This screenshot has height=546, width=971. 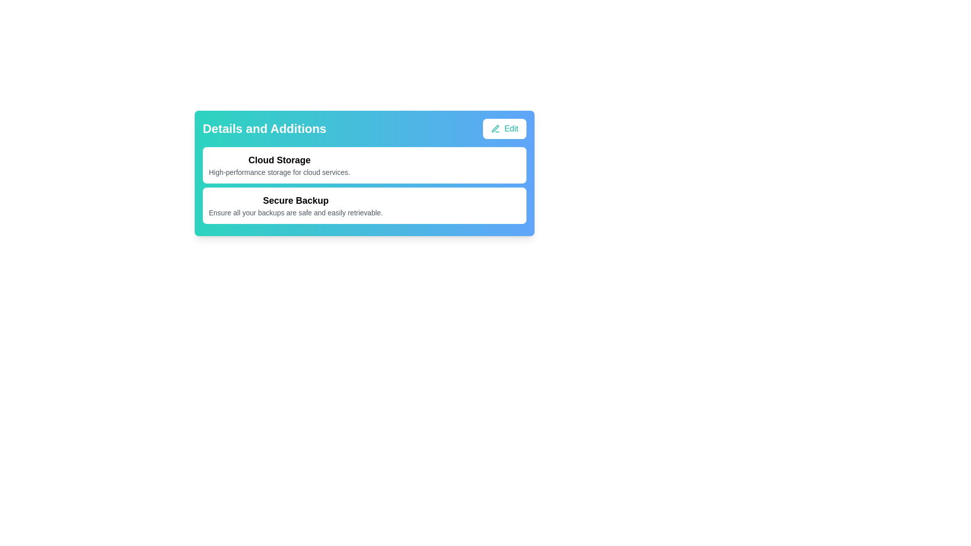 I want to click on the text label that provides a description of the 'Cloud Storage' section, located directly below the 'Cloud Storage' heading, so click(x=279, y=171).